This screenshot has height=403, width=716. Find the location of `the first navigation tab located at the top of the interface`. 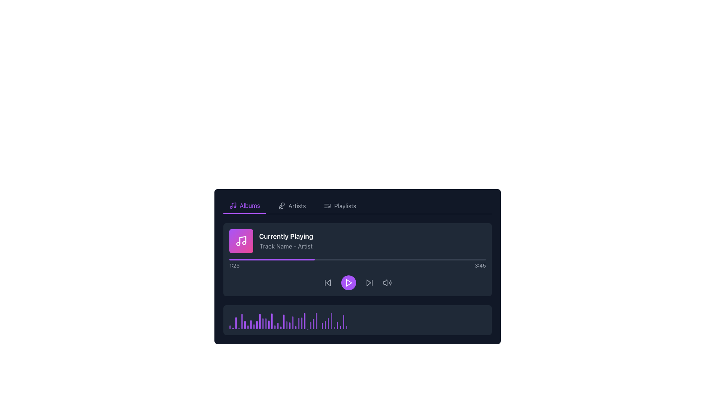

the first navigation tab located at the top of the interface is located at coordinates (245, 206).